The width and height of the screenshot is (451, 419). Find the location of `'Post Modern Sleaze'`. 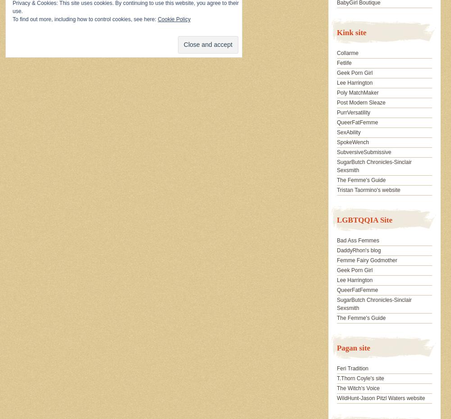

'Post Modern Sleaze' is located at coordinates (337, 102).